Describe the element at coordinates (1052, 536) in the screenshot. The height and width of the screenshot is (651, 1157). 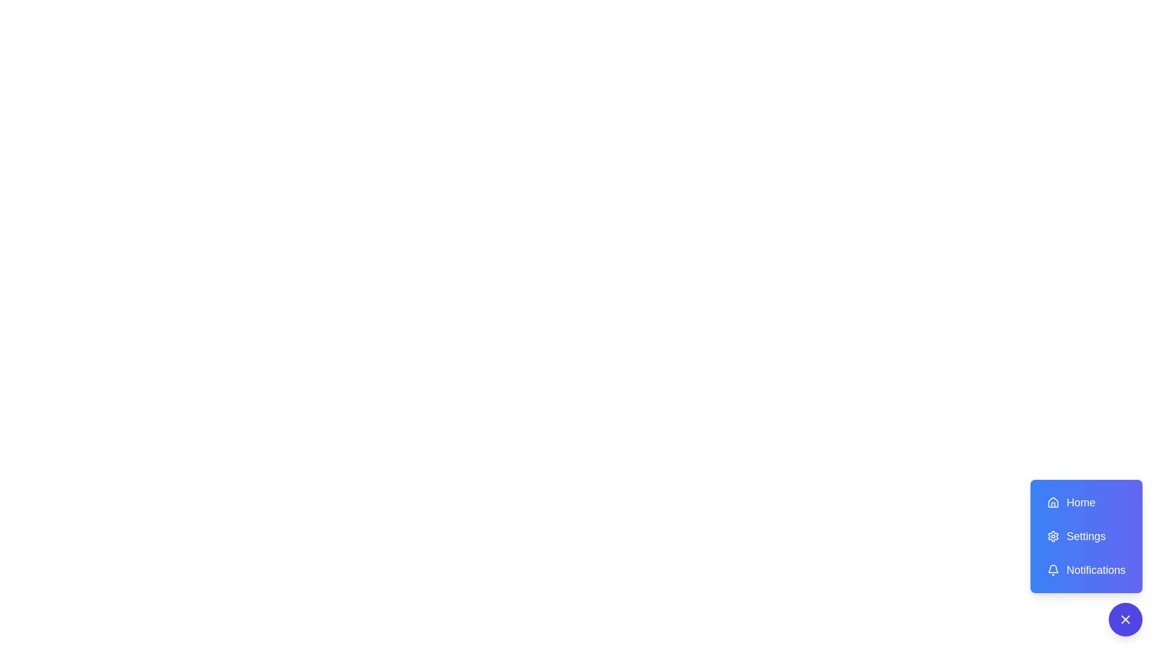
I see `the settings icon located to the left of the 'Settings' text in the vertical navigation menu` at that location.